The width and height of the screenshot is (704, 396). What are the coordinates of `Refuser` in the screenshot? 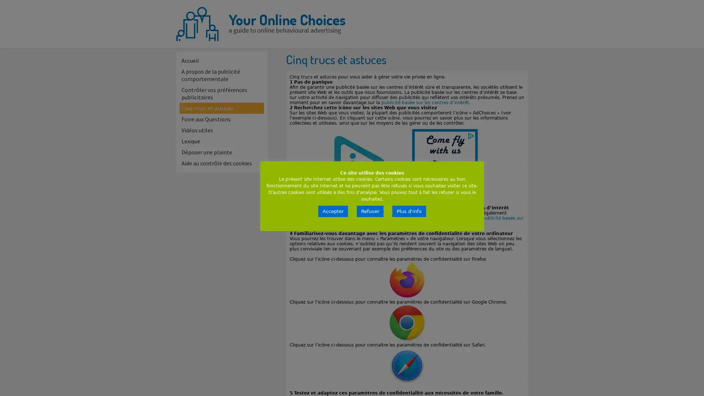 It's located at (370, 211).